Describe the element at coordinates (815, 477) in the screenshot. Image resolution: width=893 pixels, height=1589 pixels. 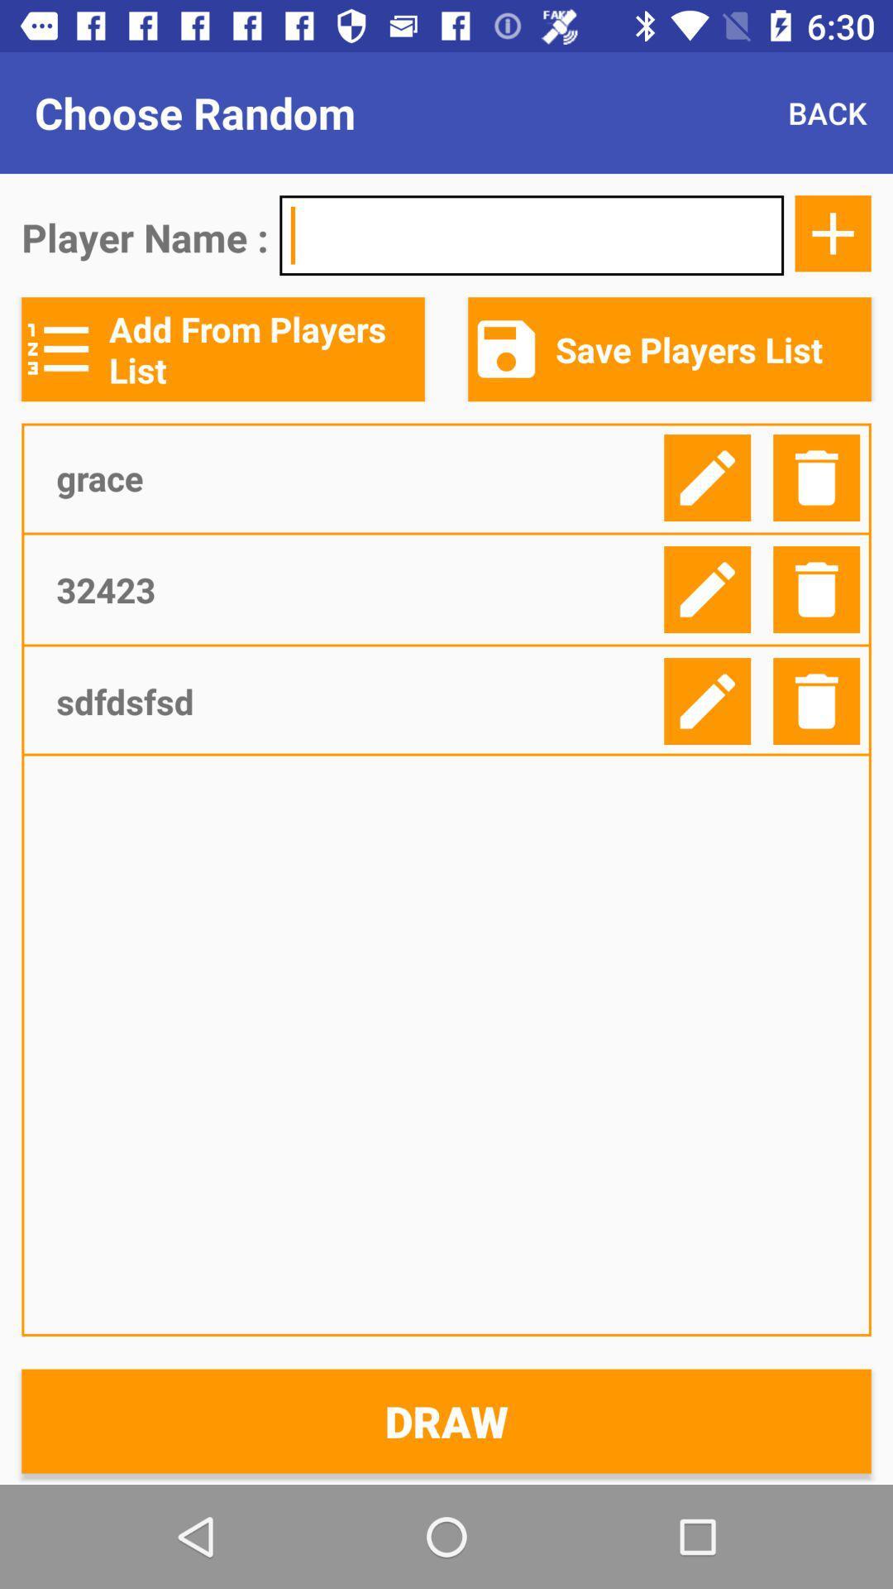
I see `delete` at that location.